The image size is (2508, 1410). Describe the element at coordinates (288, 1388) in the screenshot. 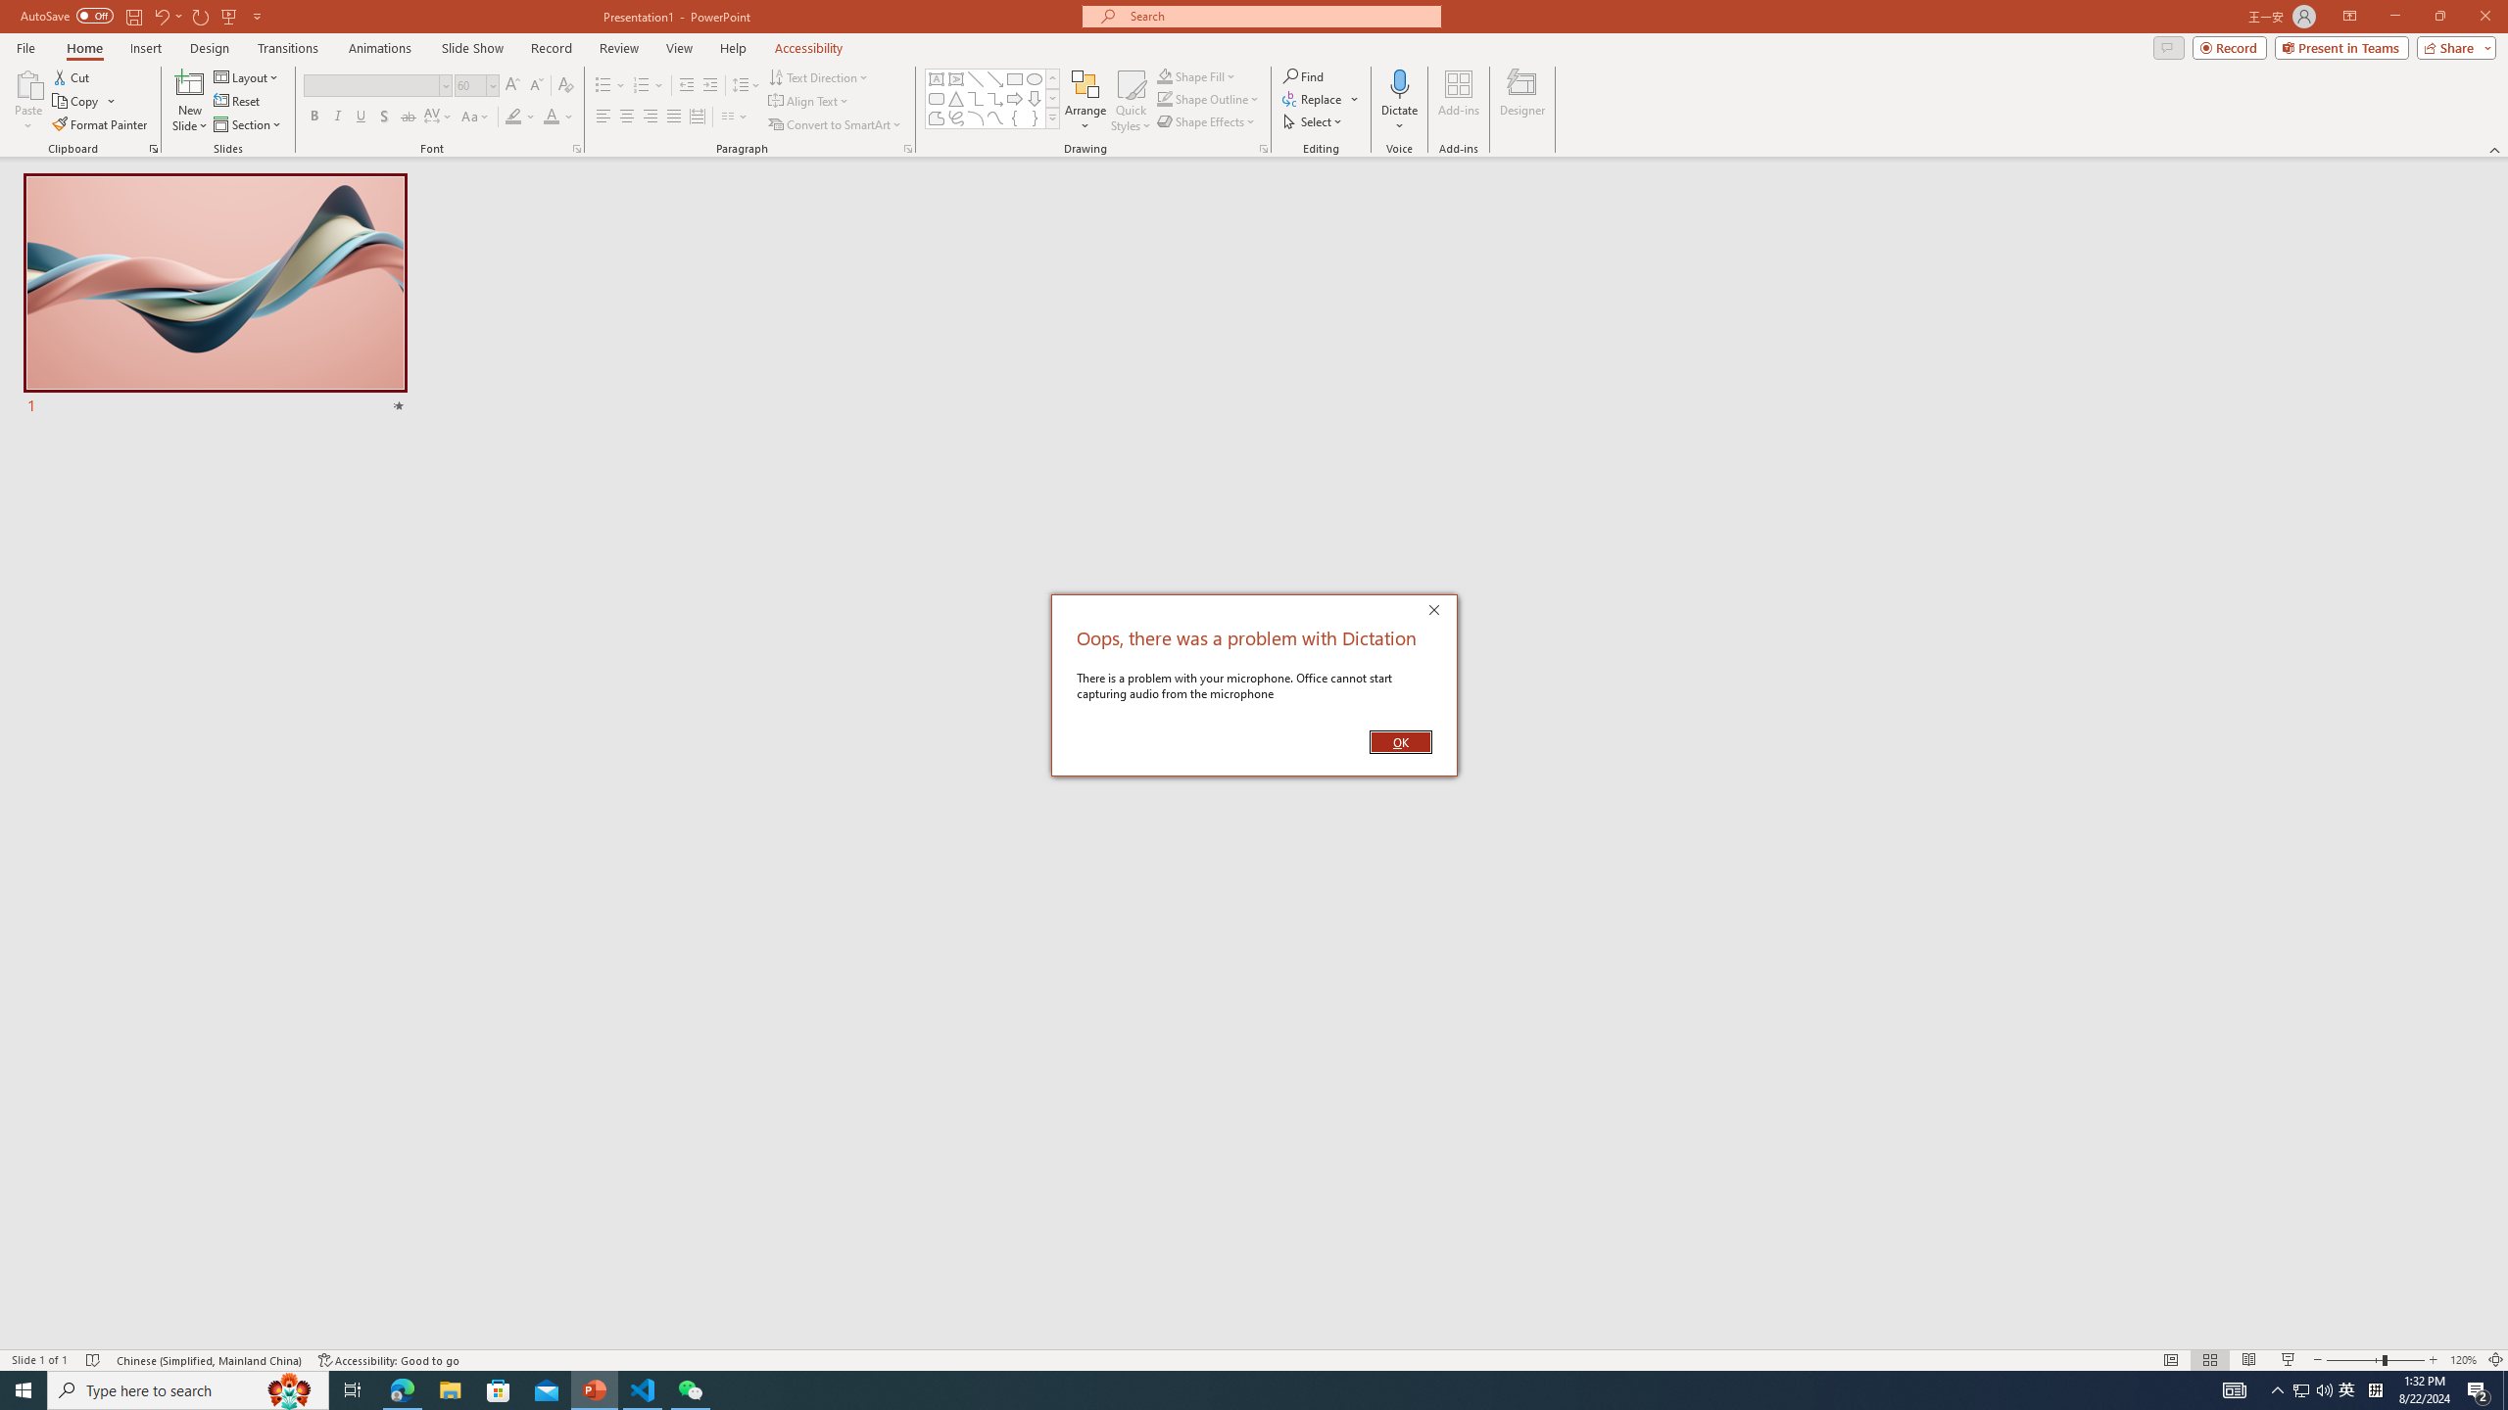

I see `'Search highlights icon opens search home window'` at that location.